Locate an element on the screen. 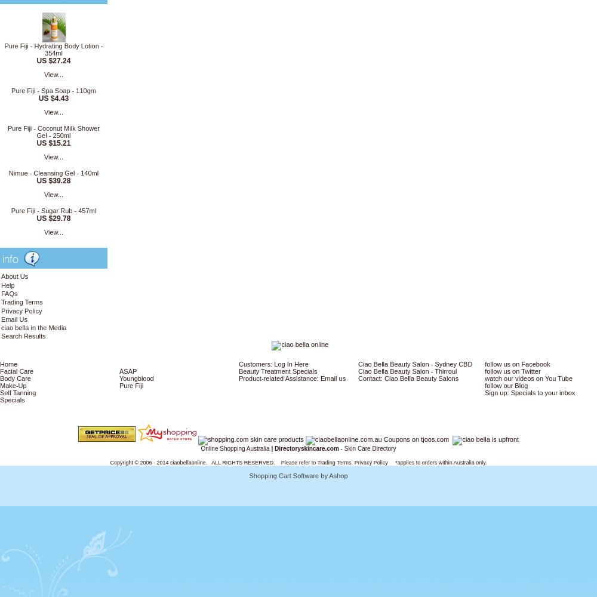 This screenshot has width=597, height=597. '-' is located at coordinates (340, 448).